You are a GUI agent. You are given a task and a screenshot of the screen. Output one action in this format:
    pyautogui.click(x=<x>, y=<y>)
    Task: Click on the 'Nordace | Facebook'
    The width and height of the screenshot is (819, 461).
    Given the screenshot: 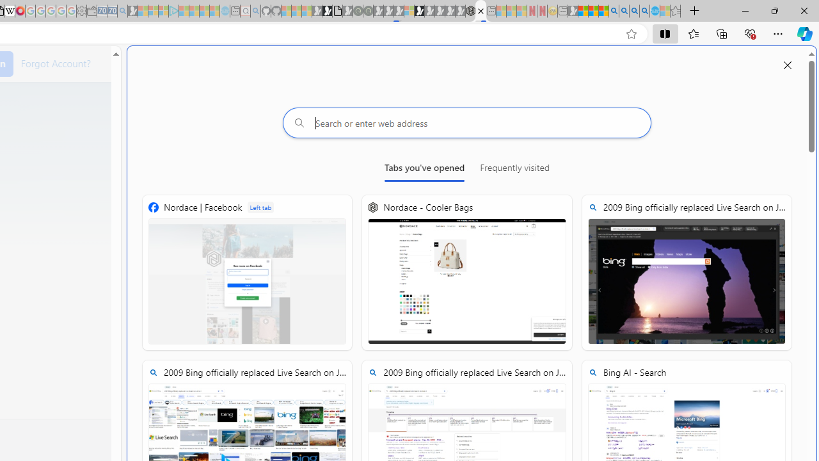 What is the action you would take?
    pyautogui.click(x=247, y=272)
    